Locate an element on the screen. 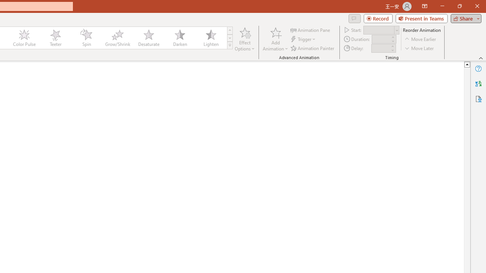  'Darken' is located at coordinates (179, 38).